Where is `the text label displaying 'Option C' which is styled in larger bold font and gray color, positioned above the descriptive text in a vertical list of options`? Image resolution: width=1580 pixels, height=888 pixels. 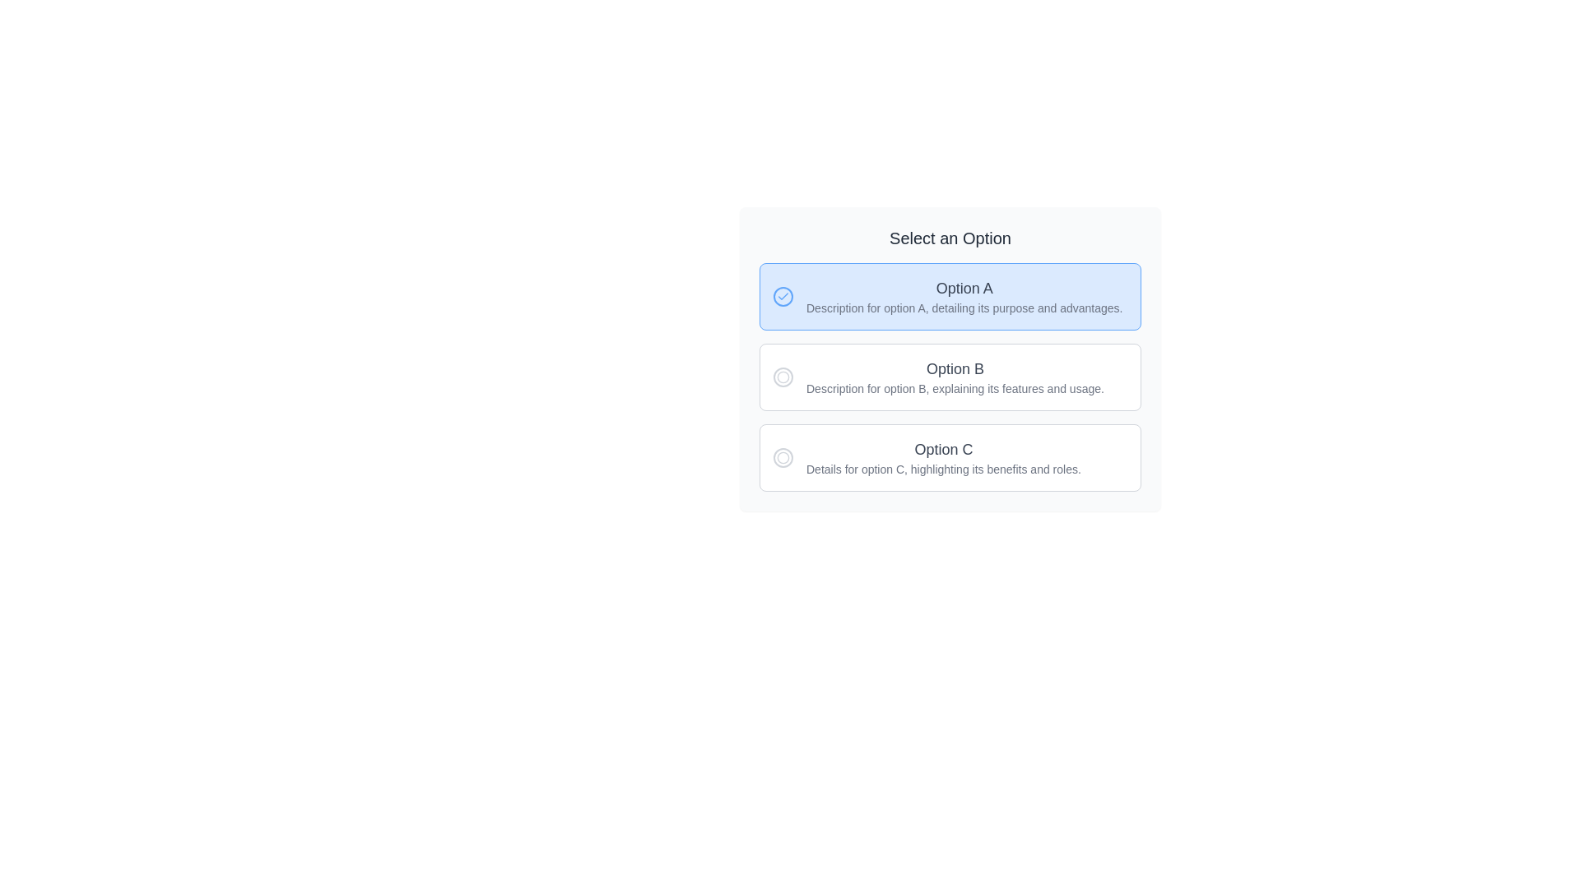 the text label displaying 'Option C' which is styled in larger bold font and gray color, positioned above the descriptive text in a vertical list of options is located at coordinates (944, 450).